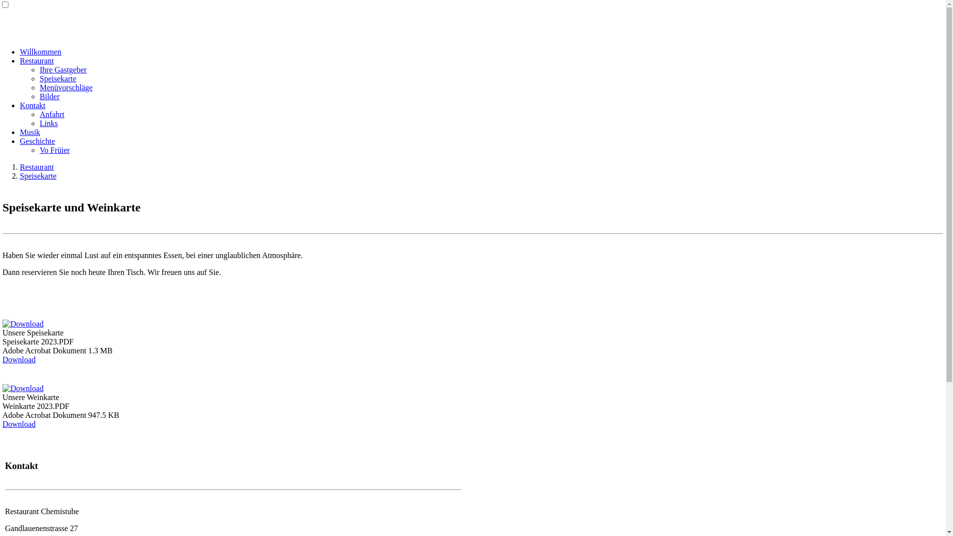  Describe the element at coordinates (30, 132) in the screenshot. I see `'Musik'` at that location.